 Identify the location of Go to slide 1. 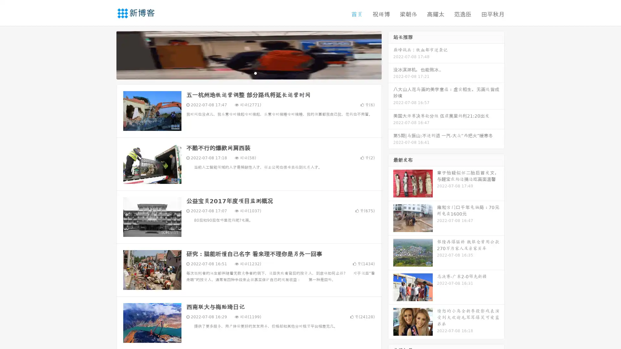
(242, 73).